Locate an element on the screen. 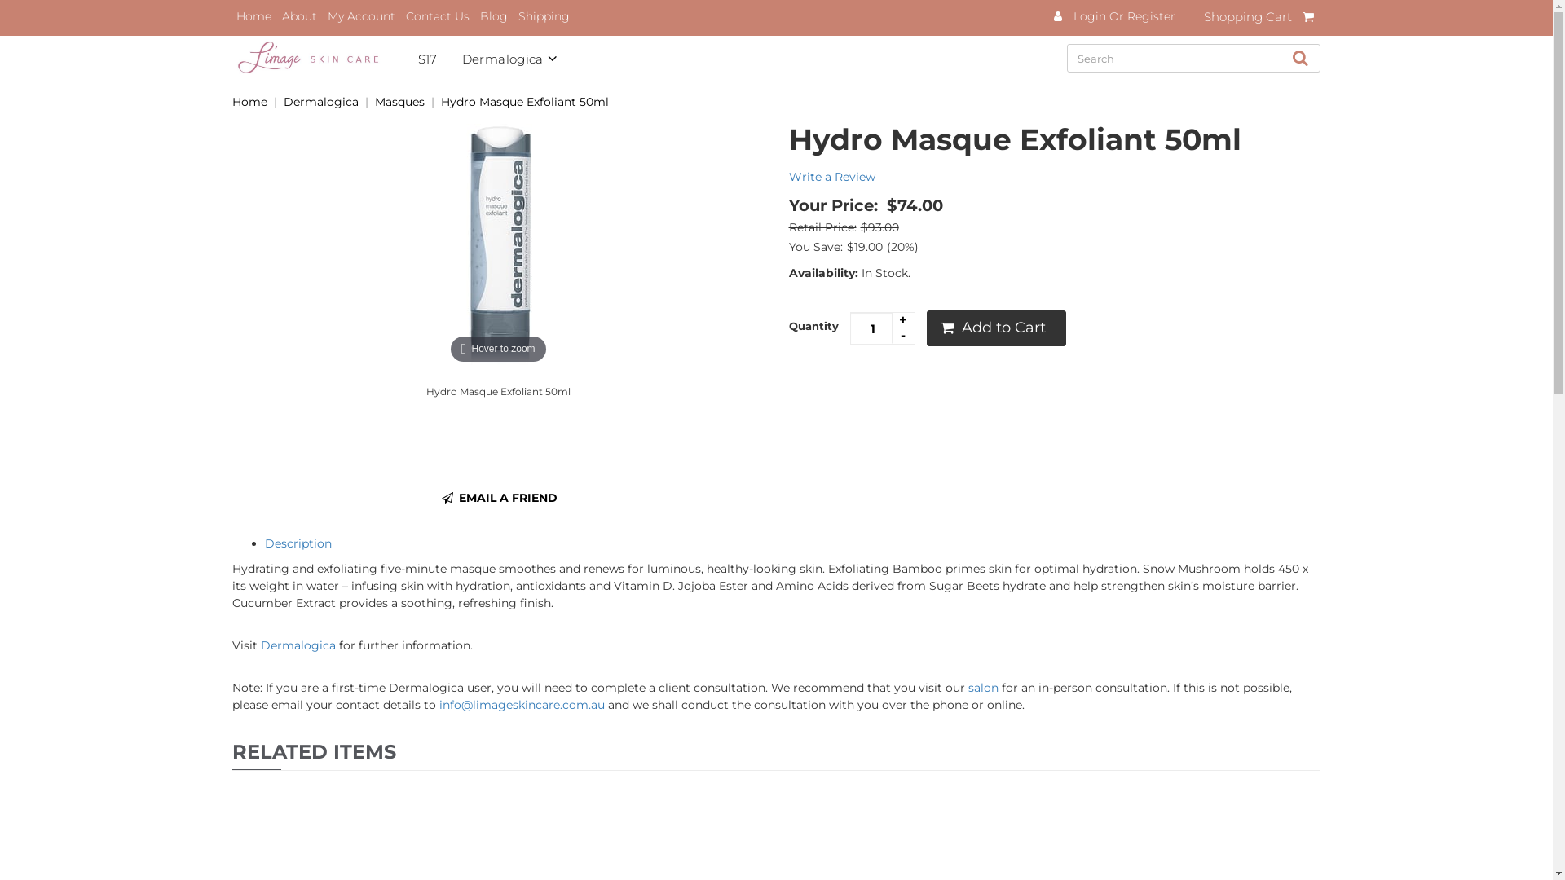  'Shopping Cart' is located at coordinates (1261, 19).